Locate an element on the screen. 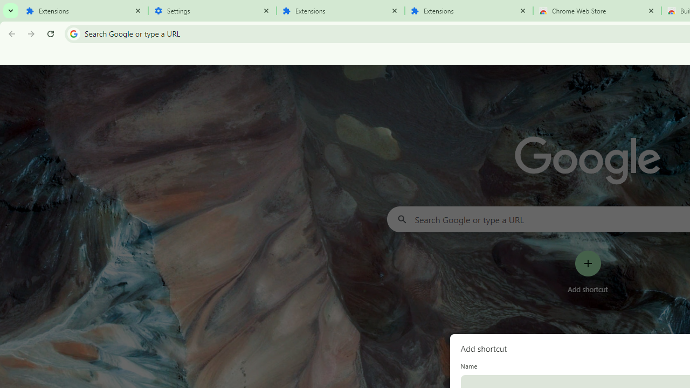  'Settings' is located at coordinates (212, 11).